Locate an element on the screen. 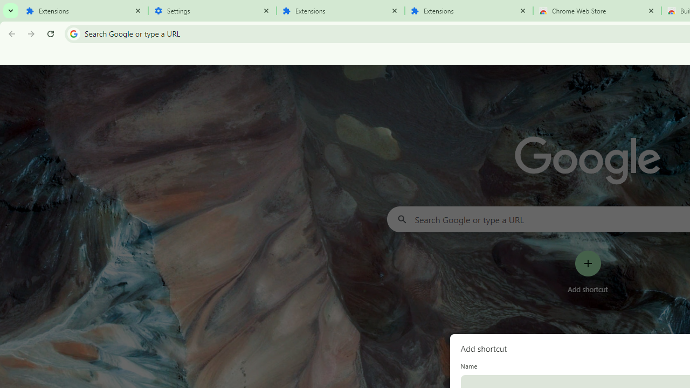  'Settings' is located at coordinates (212, 11).